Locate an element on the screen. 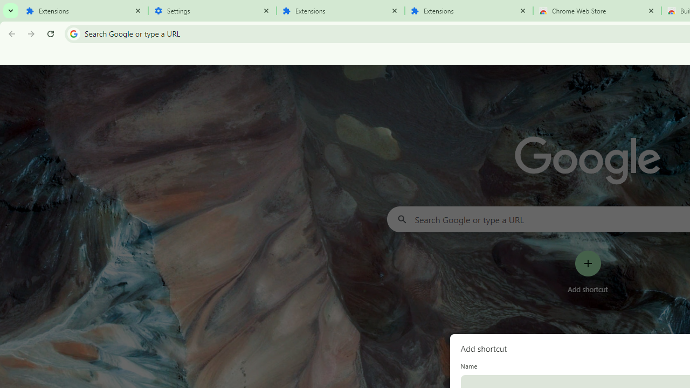  'Settings' is located at coordinates (212, 11).